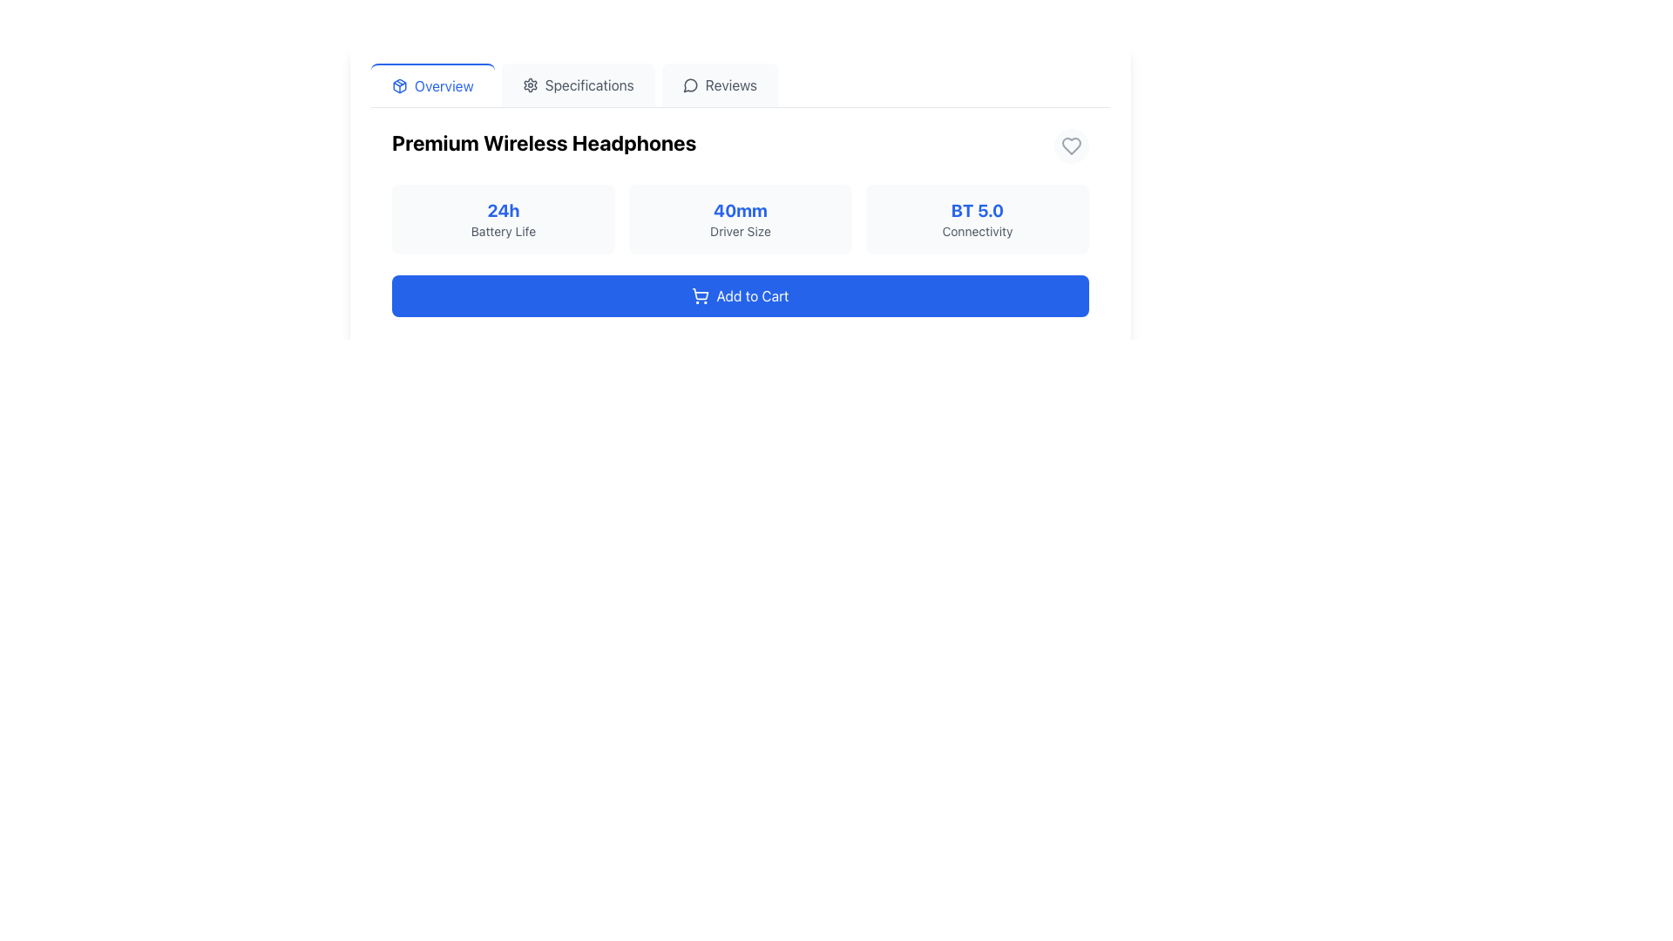 This screenshot has width=1673, height=941. Describe the element at coordinates (731, 85) in the screenshot. I see `the 'Reviews' text label, which is the third item in a horizontal row of elements, following a speech bubble icon and another related icon` at that location.